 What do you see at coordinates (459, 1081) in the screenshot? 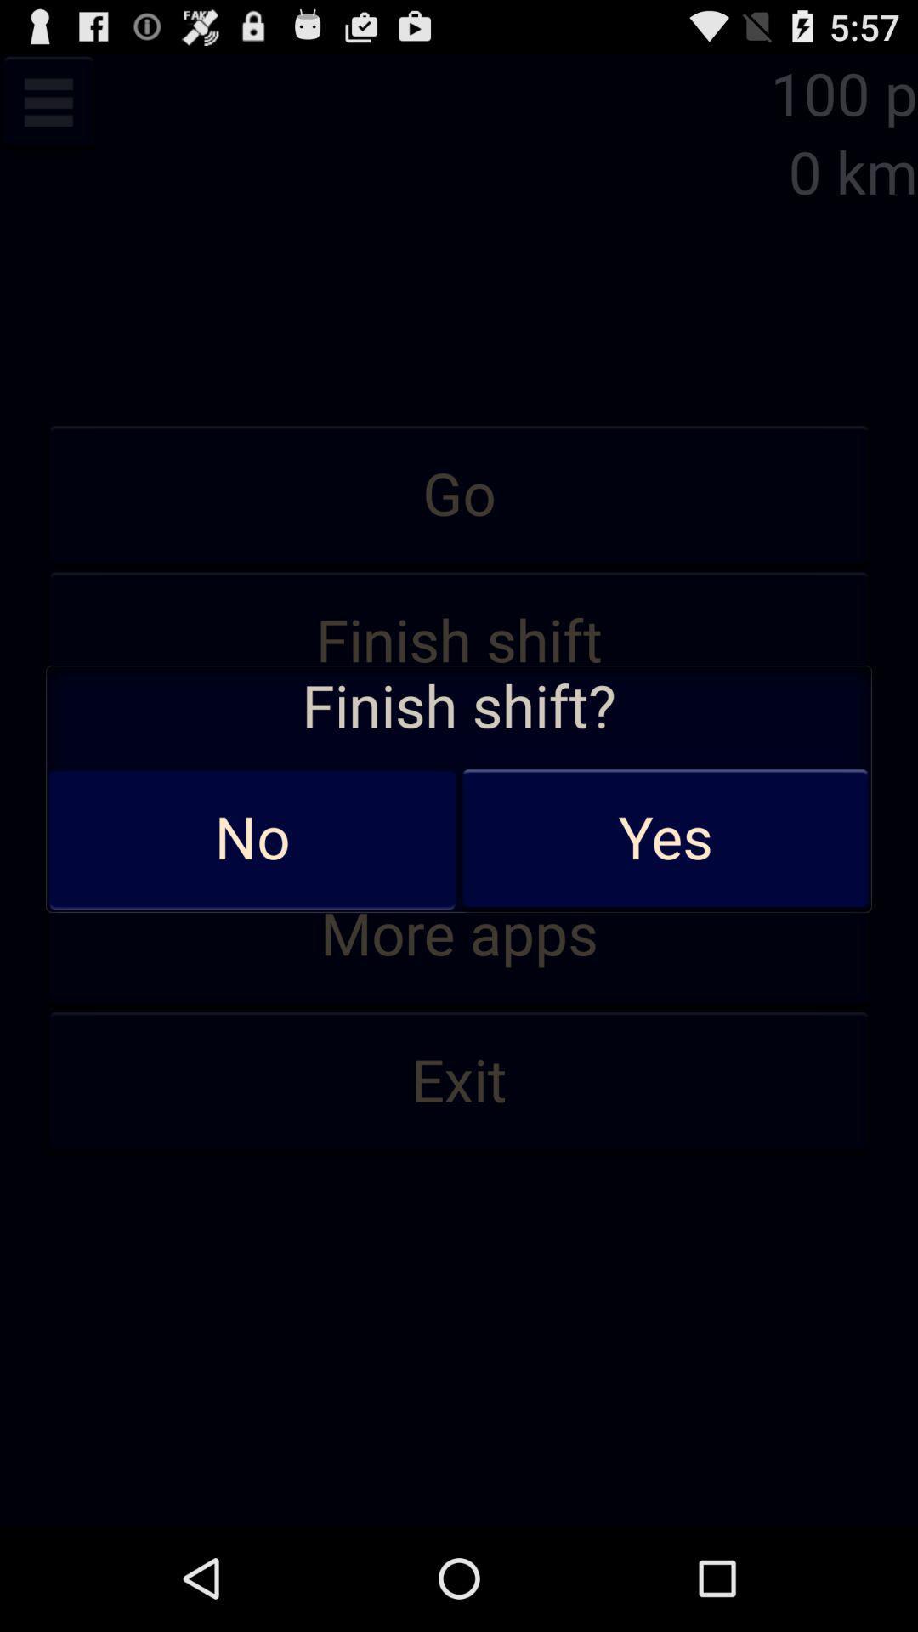
I see `exit` at bounding box center [459, 1081].